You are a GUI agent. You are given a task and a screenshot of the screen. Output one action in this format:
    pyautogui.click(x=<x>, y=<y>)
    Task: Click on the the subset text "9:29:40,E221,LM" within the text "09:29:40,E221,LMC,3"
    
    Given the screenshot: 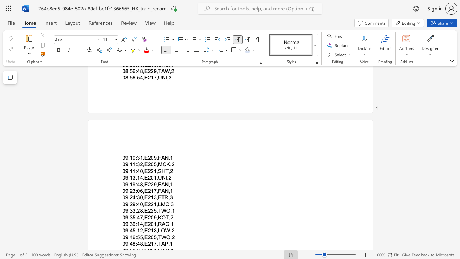 What is the action you would take?
    pyautogui.click(x=125, y=204)
    